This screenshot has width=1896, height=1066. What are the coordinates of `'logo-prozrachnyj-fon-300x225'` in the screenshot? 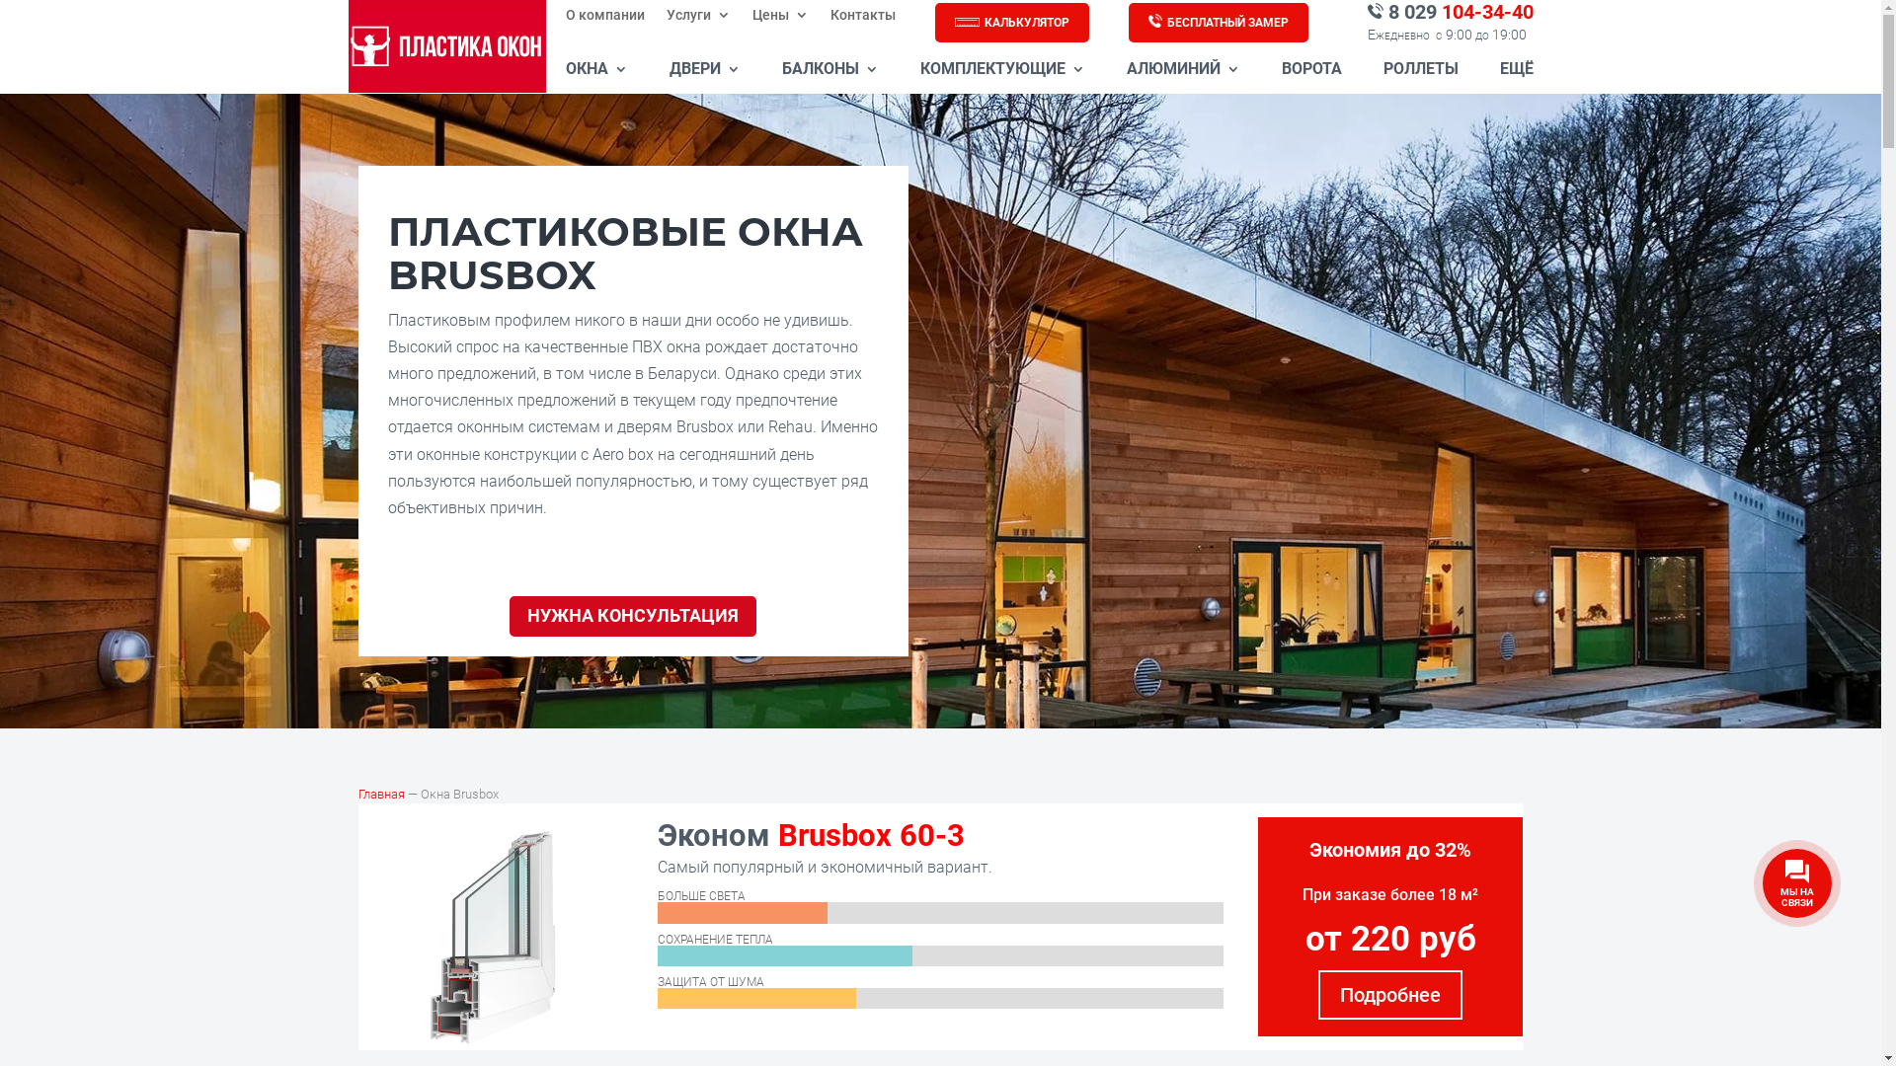 It's located at (444, 44).